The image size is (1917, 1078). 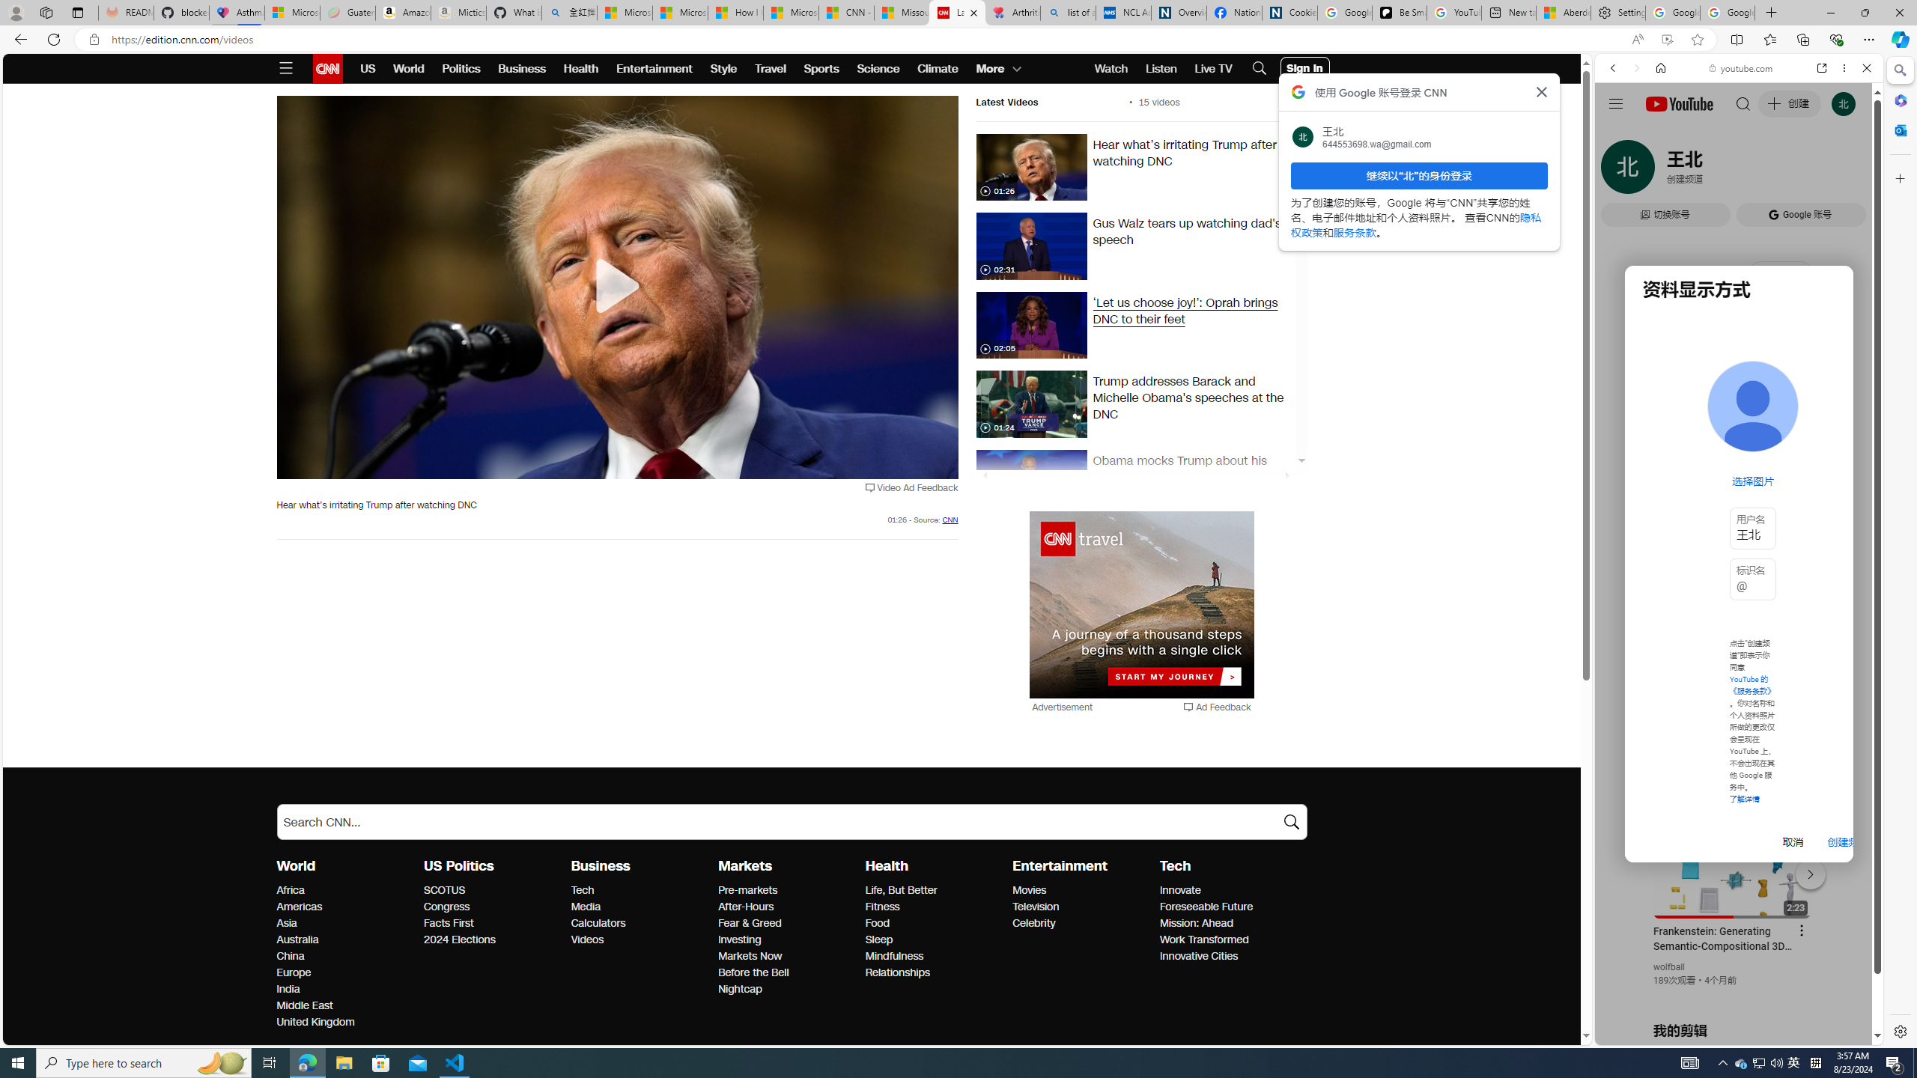 I want to click on 'Australia', so click(x=345, y=940).